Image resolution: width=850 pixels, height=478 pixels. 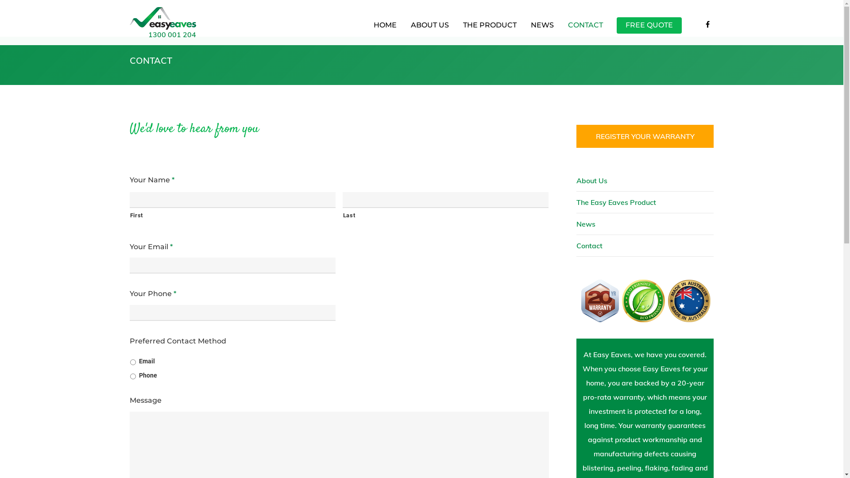 I want to click on 'THE PRODUCT', so click(x=489, y=28).